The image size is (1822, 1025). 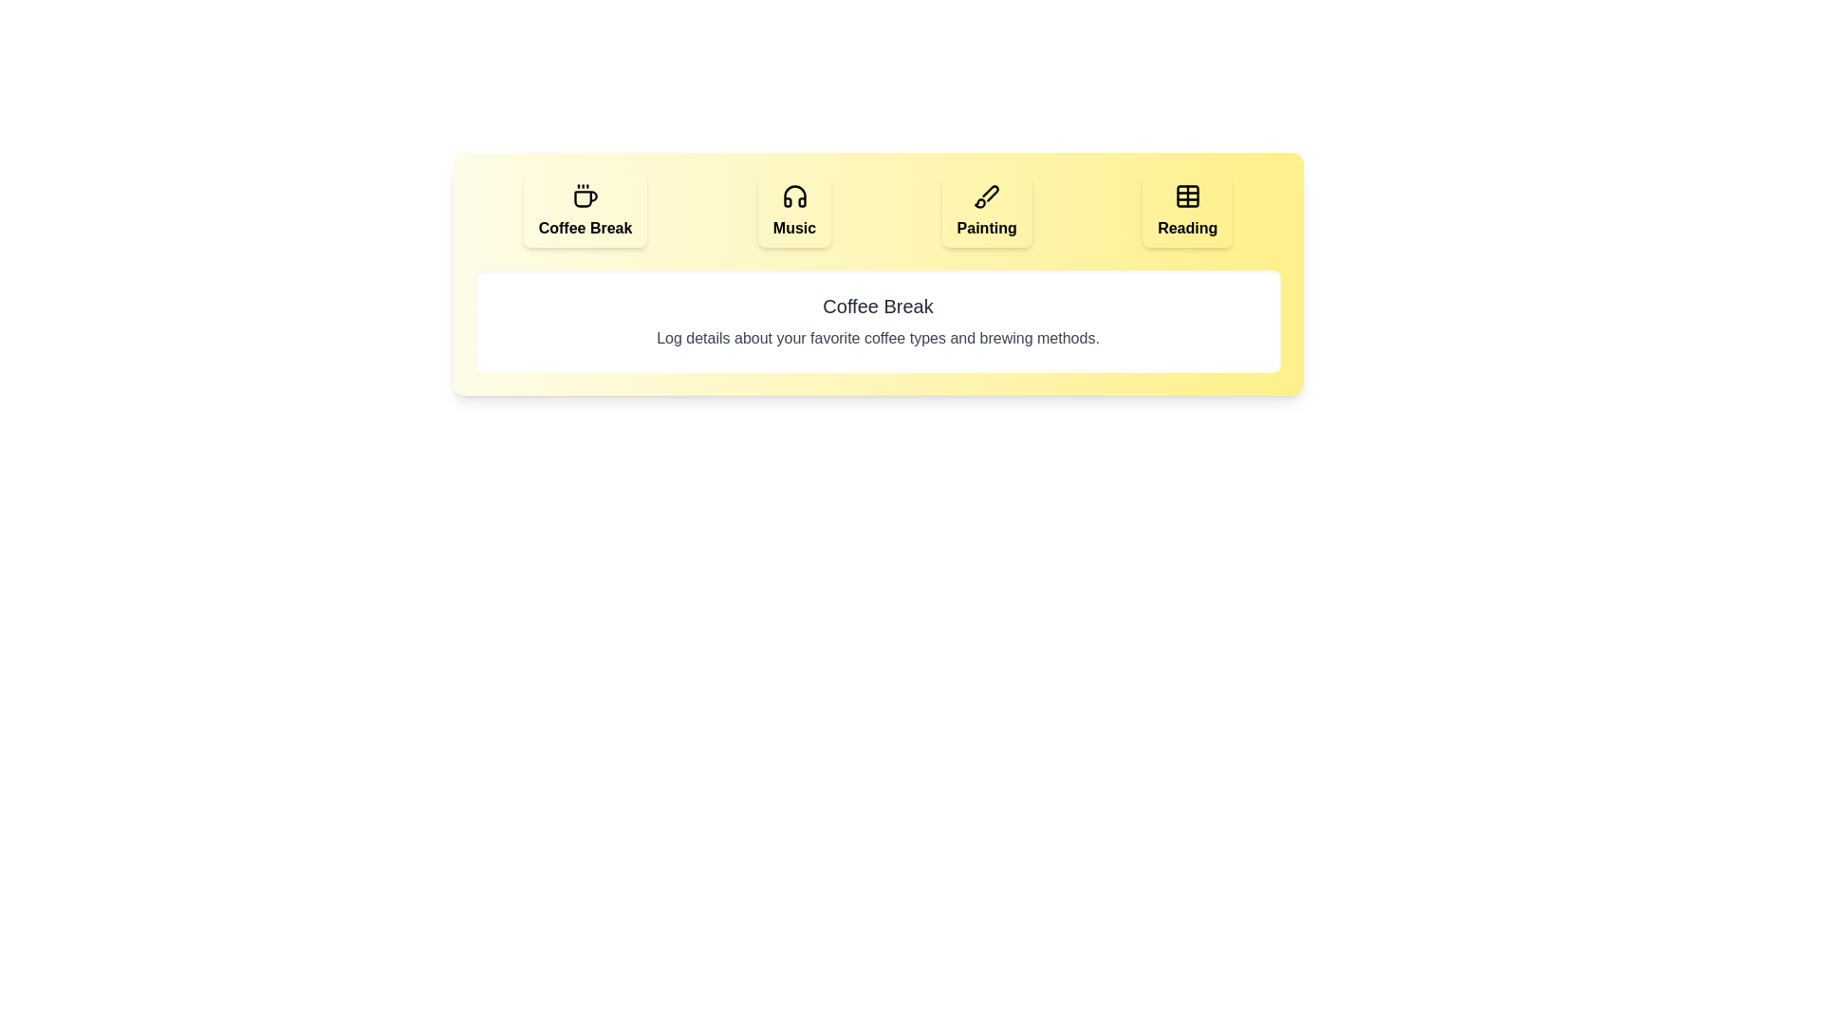 I want to click on the informational content block titled 'Coffee Break' which contains a description about logging coffee details, so click(x=877, y=274).